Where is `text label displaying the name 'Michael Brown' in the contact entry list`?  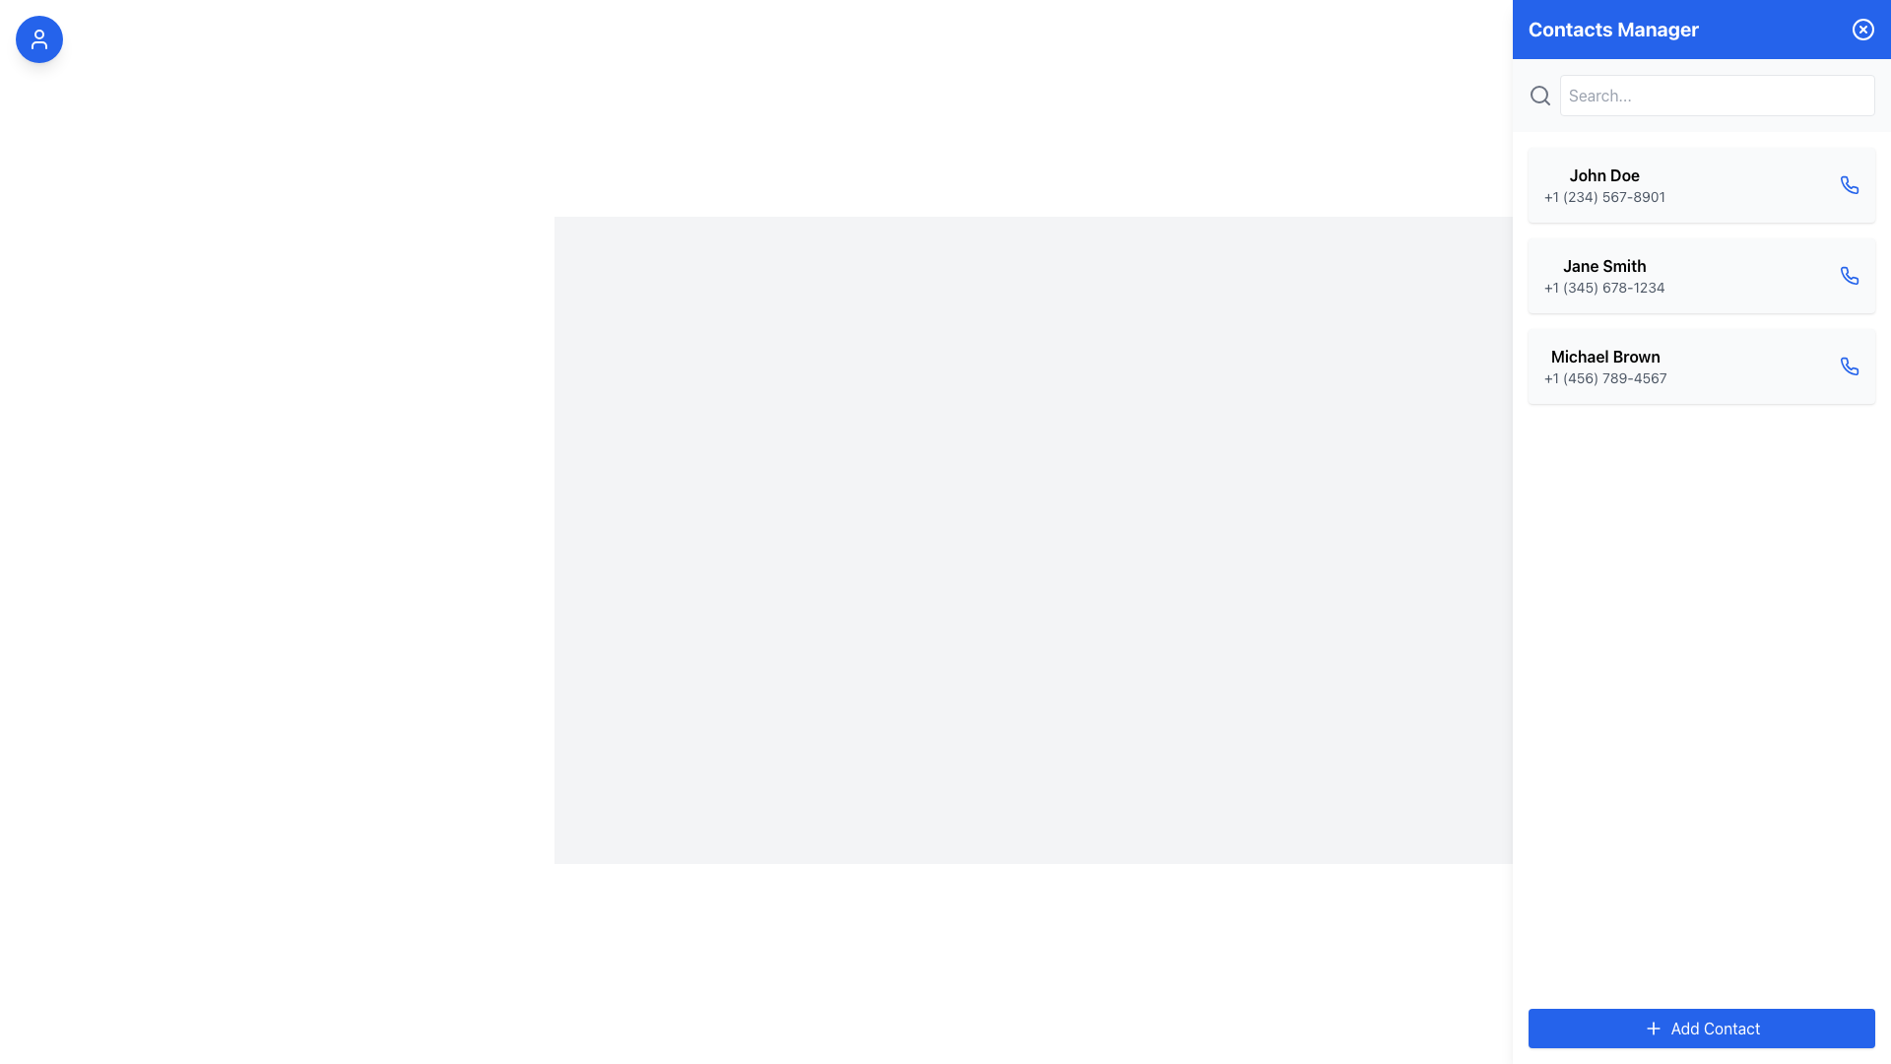 text label displaying the name 'Michael Brown' in the contact entry list is located at coordinates (1605, 357).